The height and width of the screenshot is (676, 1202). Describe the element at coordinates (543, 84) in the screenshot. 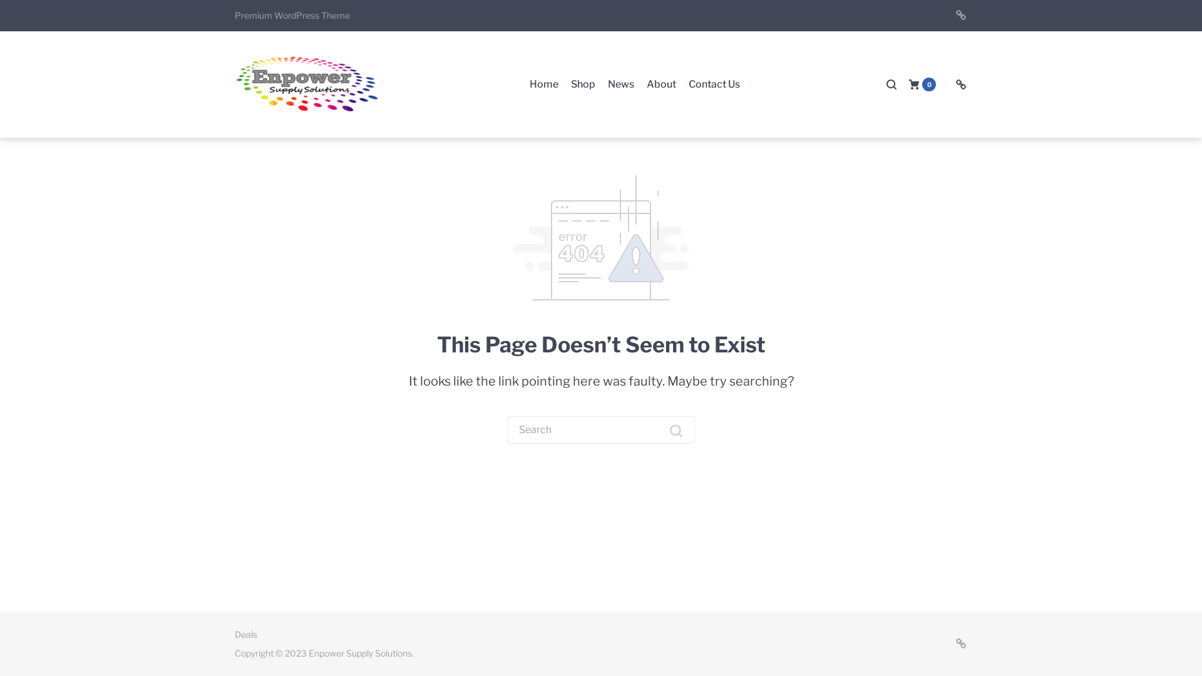

I see `'Home'` at that location.